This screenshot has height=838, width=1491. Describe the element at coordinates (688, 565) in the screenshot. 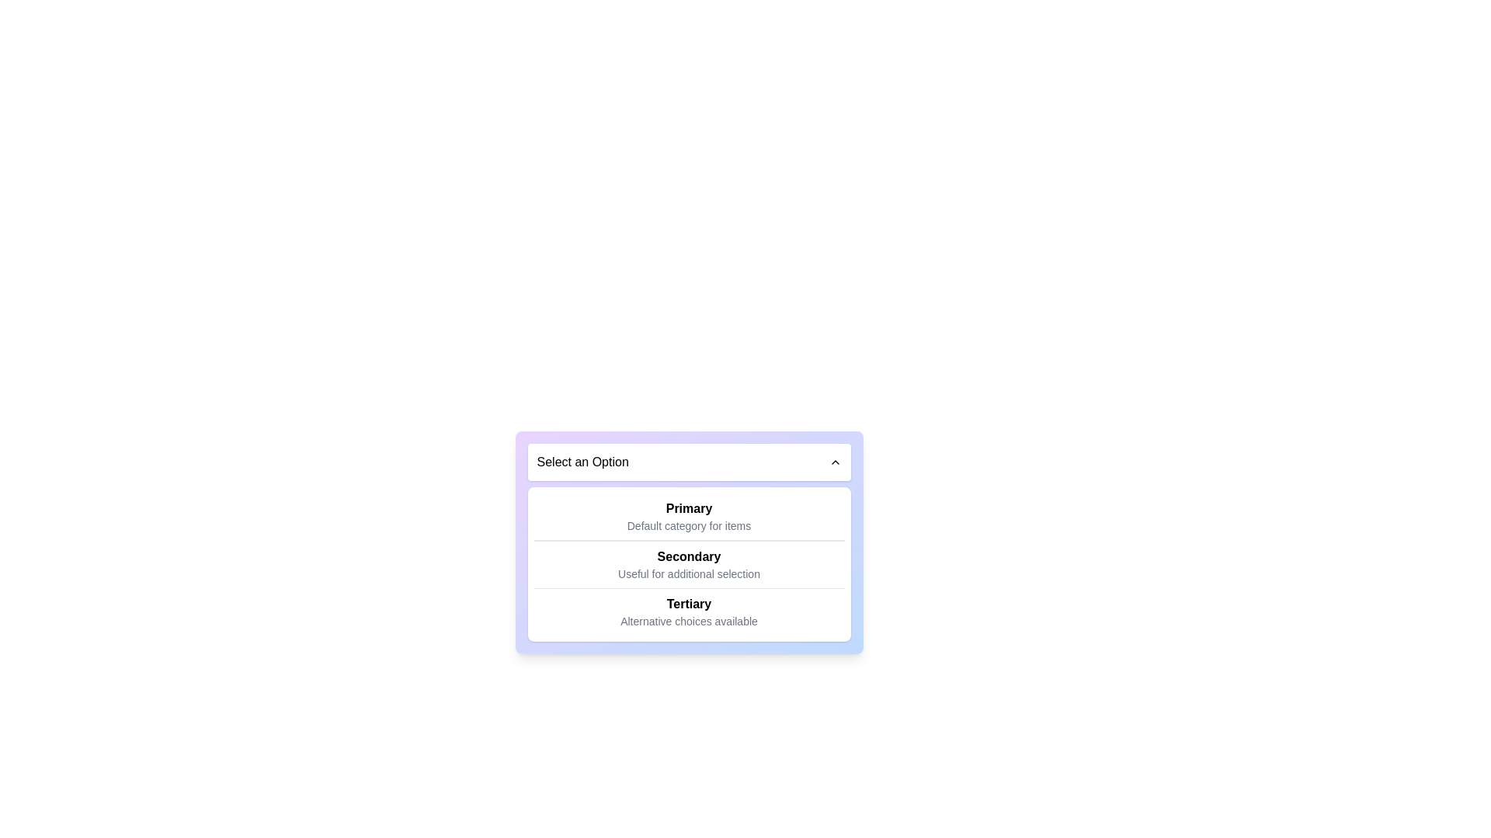

I see `the Text display component that shows 'Secondary' in bold and 'Useful for additional selection' in smaller gray text, located centrally in the list of options` at that location.